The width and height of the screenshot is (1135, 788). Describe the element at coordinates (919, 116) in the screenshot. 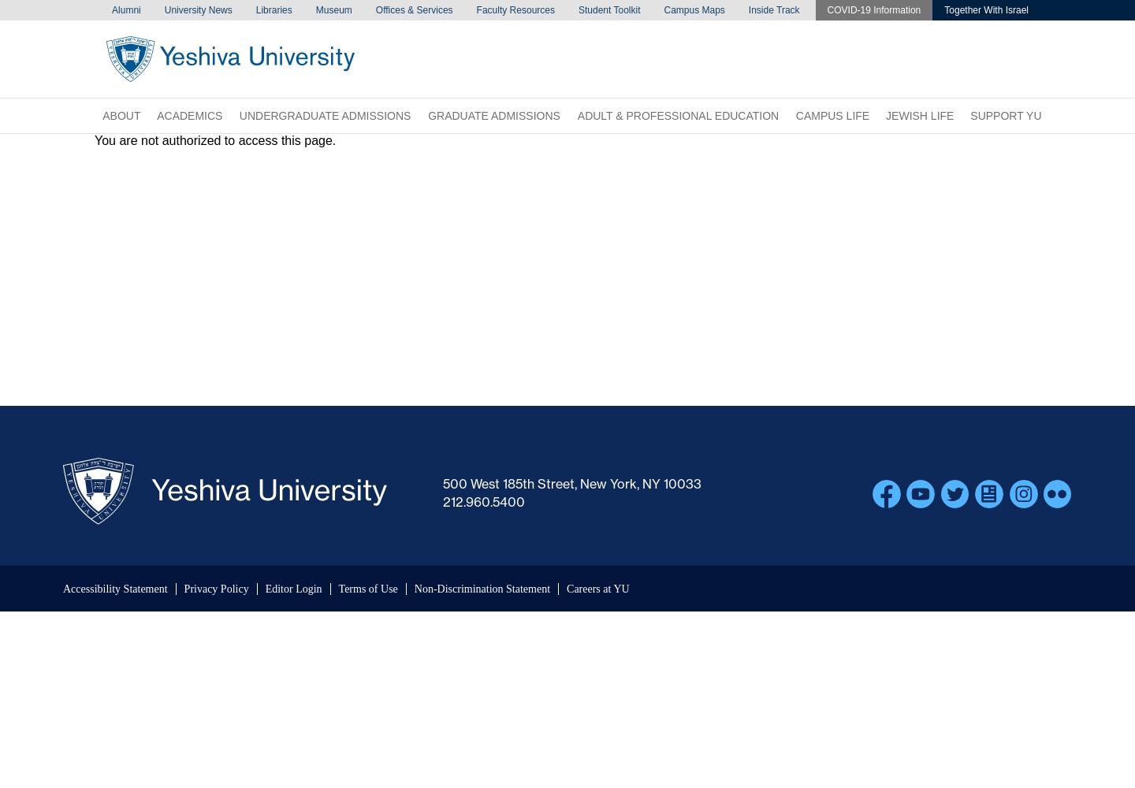

I see `'Jewish Life'` at that location.